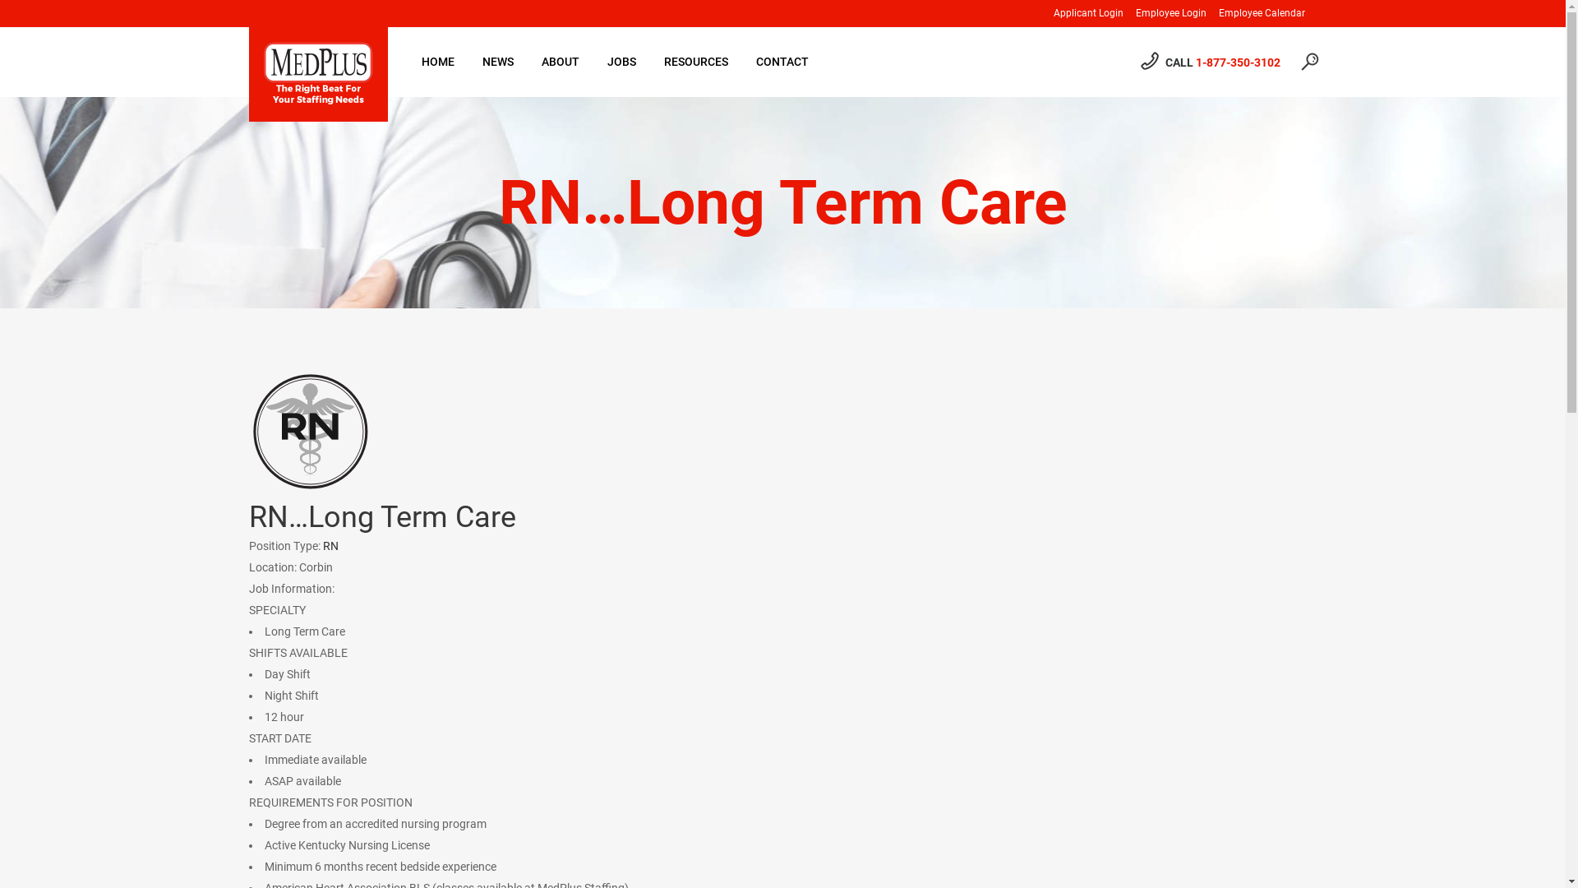 The width and height of the screenshot is (1578, 888). I want to click on 'CONTACT', so click(741, 61).